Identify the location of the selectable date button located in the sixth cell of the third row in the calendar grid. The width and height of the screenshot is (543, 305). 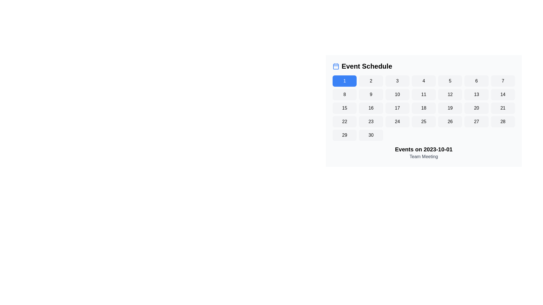
(476, 108).